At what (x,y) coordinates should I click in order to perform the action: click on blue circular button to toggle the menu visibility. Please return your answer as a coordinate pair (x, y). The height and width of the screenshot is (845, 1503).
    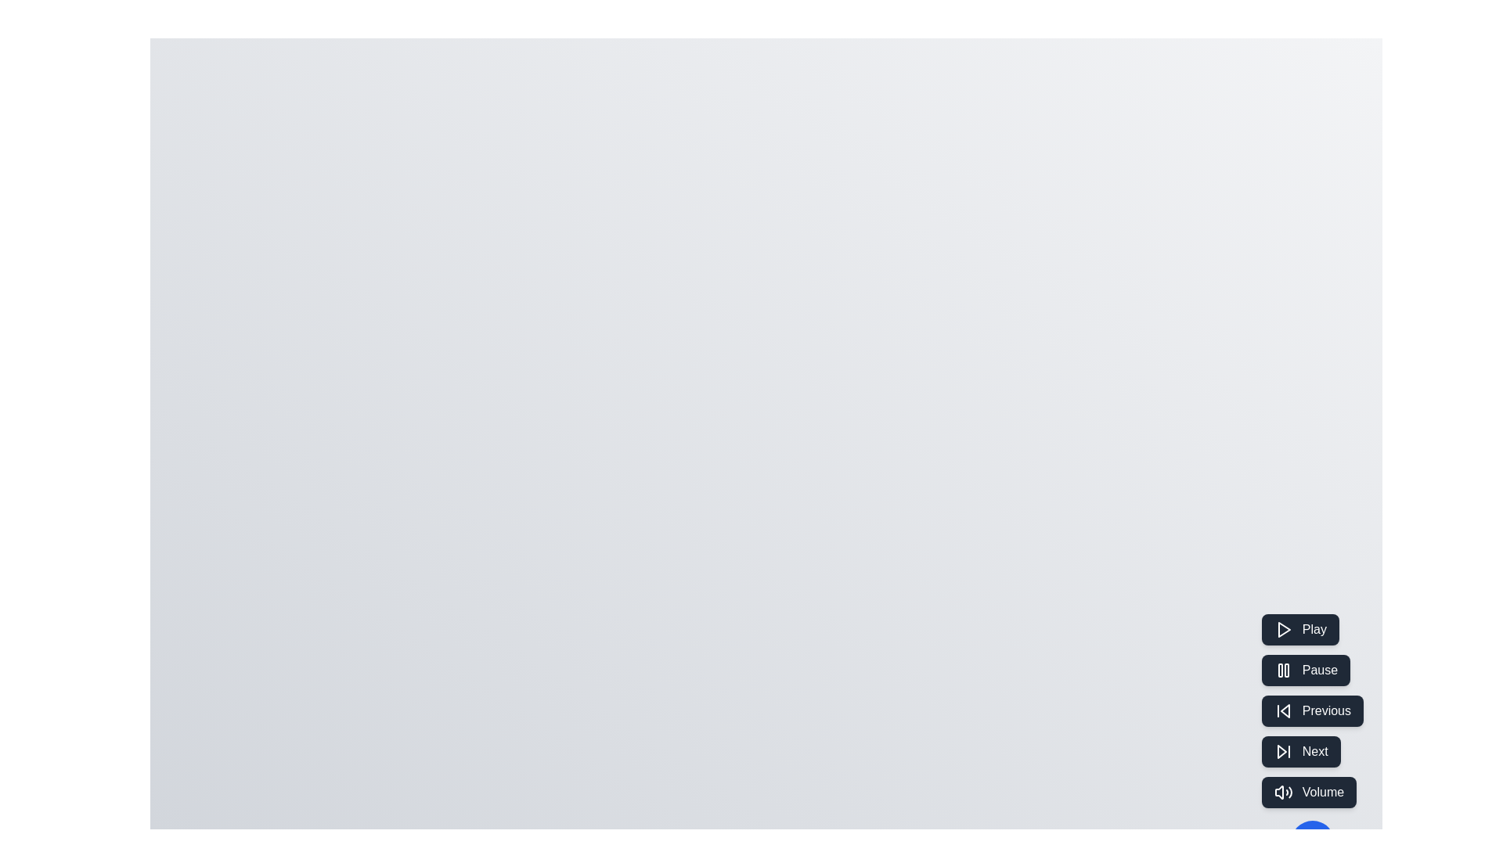
    Looking at the image, I should click on (1312, 841).